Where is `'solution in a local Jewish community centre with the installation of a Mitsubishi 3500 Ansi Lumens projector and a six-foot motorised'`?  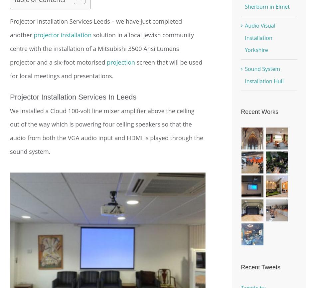 'solution in a local Jewish community centre with the installation of a Mitsubishi 3500 Ansi Lumens projector and a six-foot motorised' is located at coordinates (101, 48).